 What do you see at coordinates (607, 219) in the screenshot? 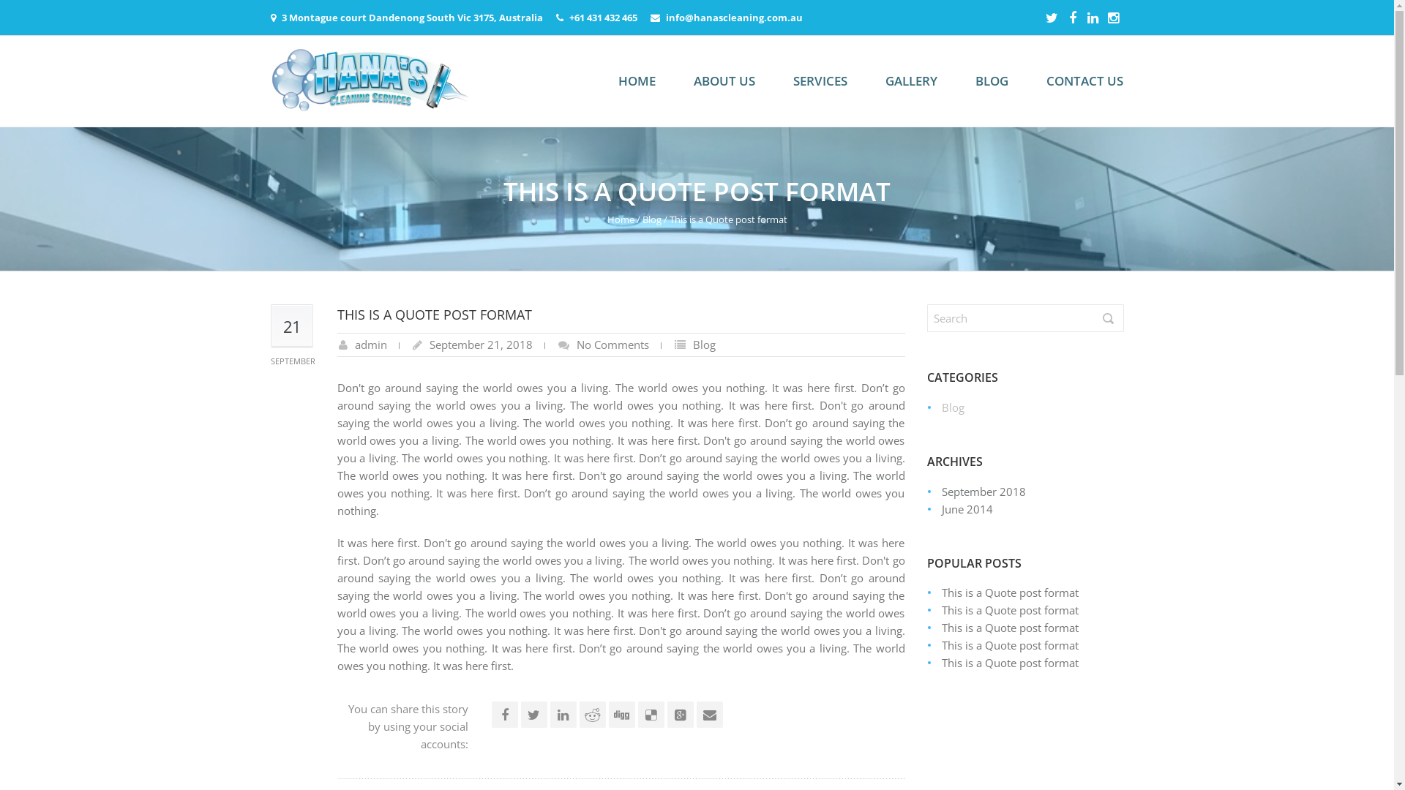
I see `'Home'` at bounding box center [607, 219].